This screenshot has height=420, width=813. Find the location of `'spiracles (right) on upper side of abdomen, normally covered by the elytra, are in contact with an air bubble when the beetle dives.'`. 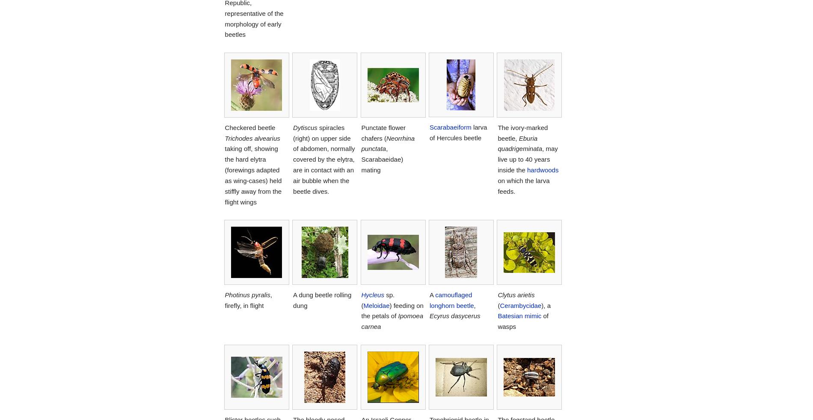

'spiracles (right) on upper side of abdomen, normally covered by the elytra, are in contact with an air bubble when the beetle dives.' is located at coordinates (323, 159).